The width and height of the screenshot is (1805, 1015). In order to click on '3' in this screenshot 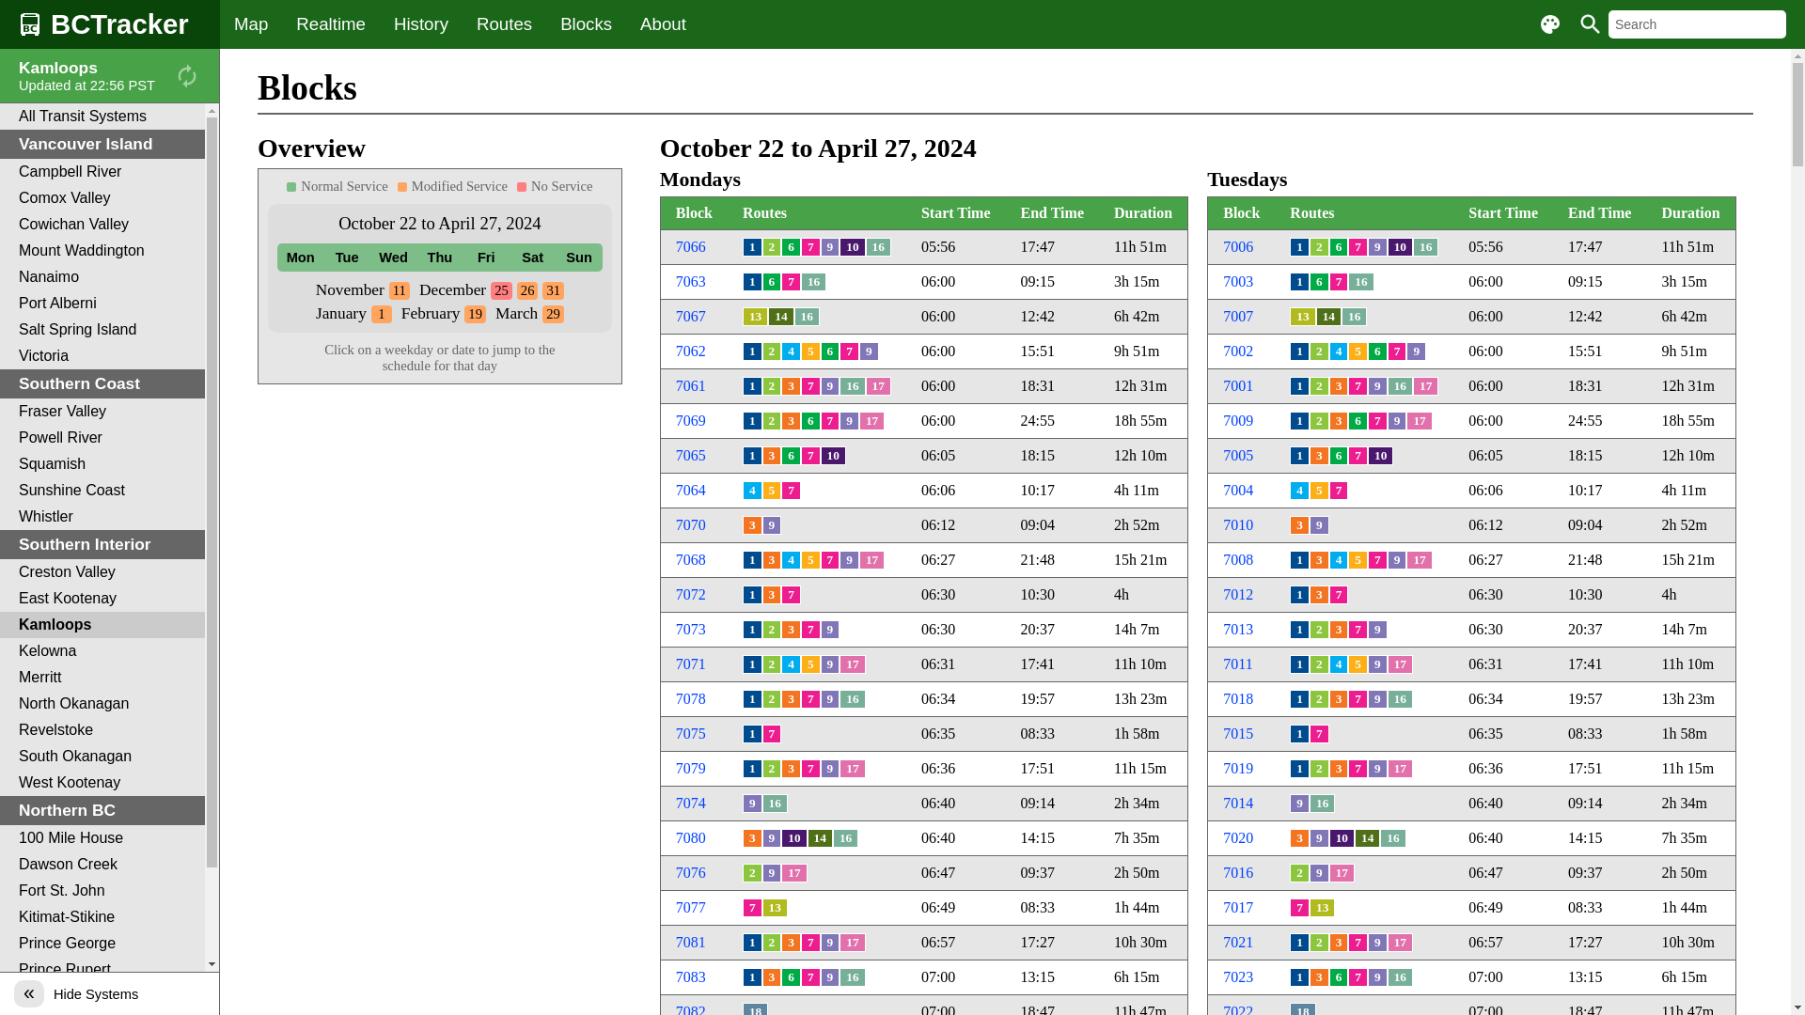, I will do `click(1318, 594)`.